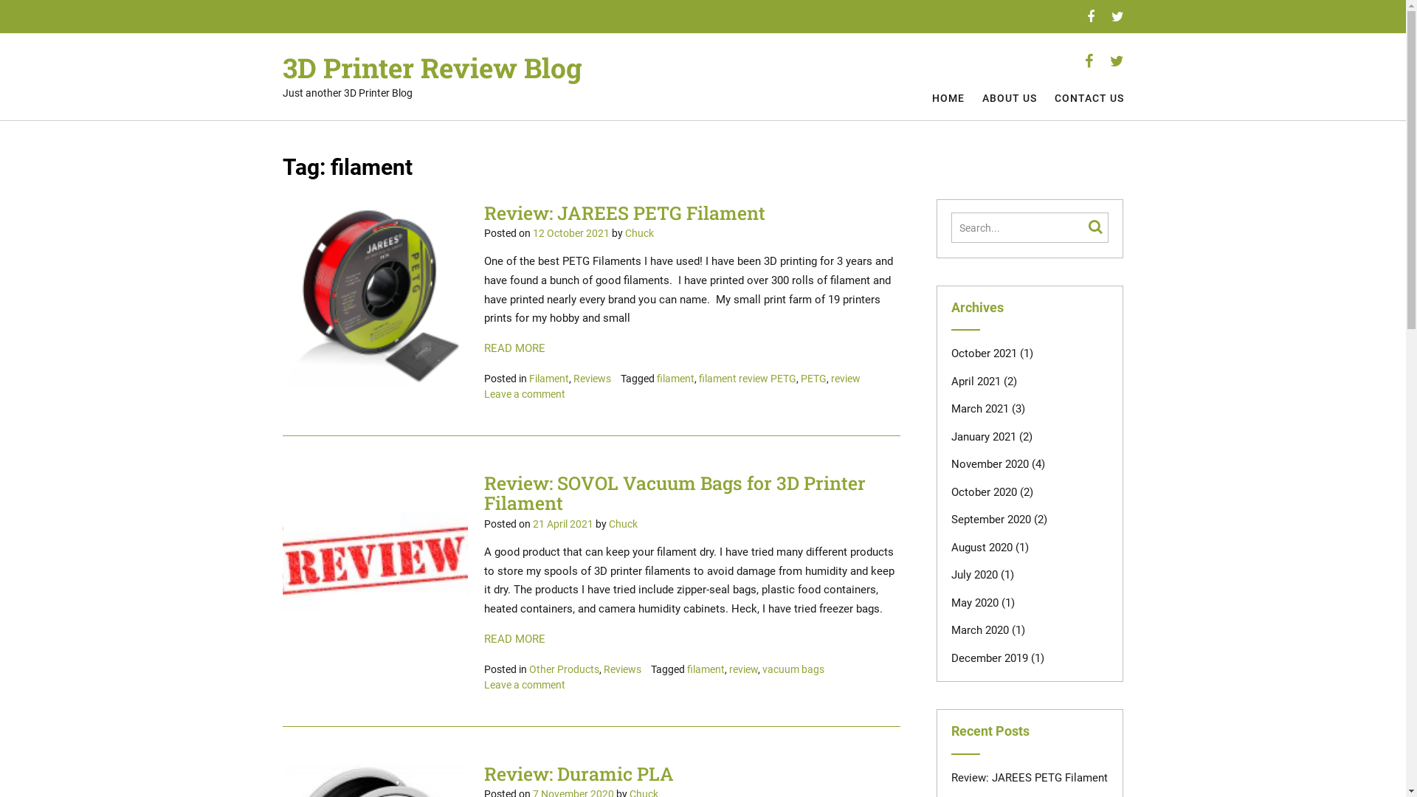 This screenshot has height=797, width=1417. Describe the element at coordinates (951, 409) in the screenshot. I see `'March 2021'` at that location.